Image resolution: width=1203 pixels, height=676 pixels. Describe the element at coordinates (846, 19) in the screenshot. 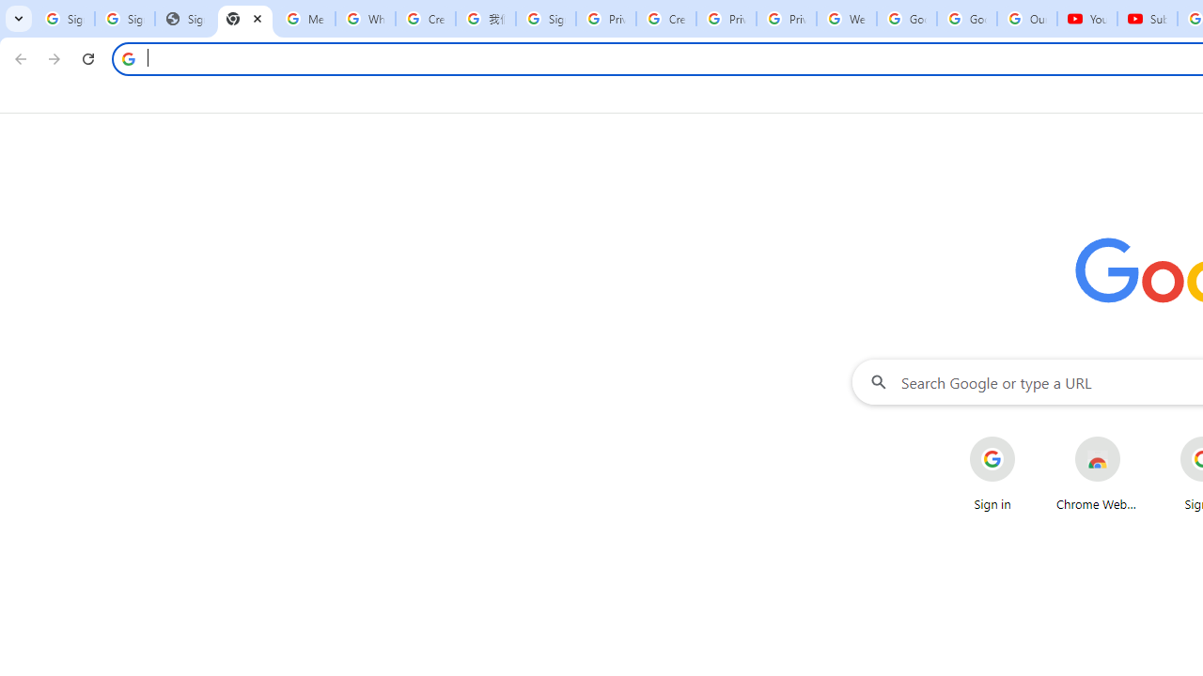

I see `'Welcome to My Activity'` at that location.